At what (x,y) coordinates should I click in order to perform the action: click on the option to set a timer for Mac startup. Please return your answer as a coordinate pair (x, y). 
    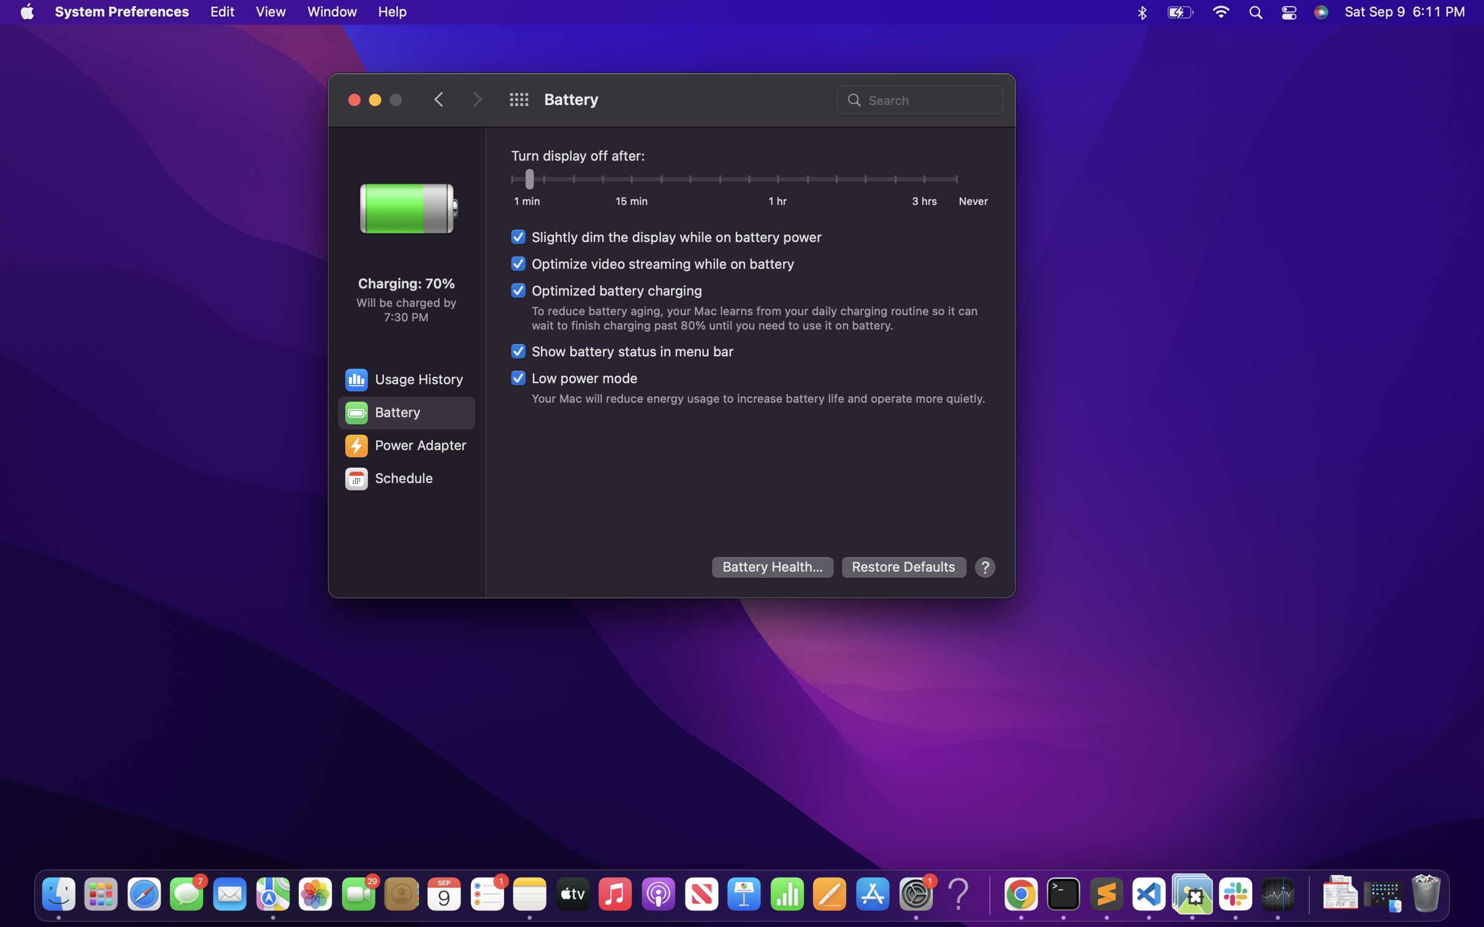
    Looking at the image, I should click on (405, 479).